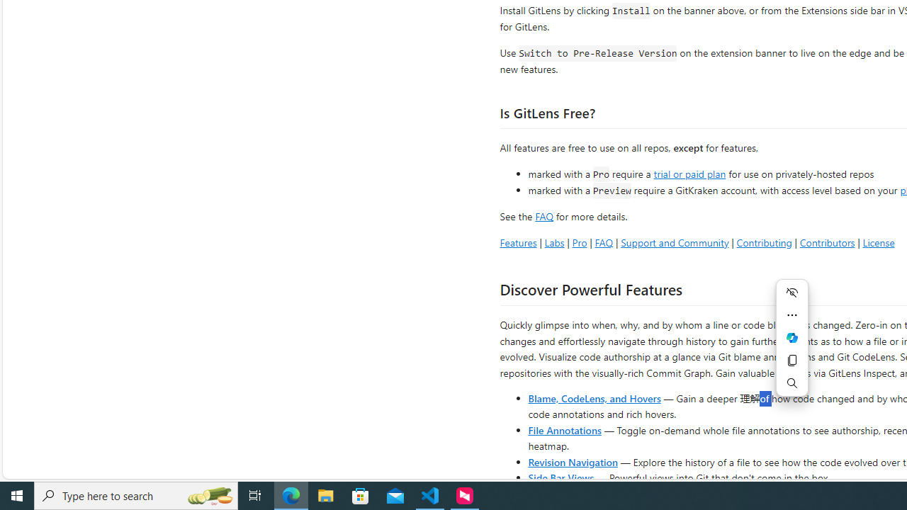 Image resolution: width=907 pixels, height=510 pixels. Describe the element at coordinates (595, 397) in the screenshot. I see `'Blame, CodeLens, and Hovers'` at that location.